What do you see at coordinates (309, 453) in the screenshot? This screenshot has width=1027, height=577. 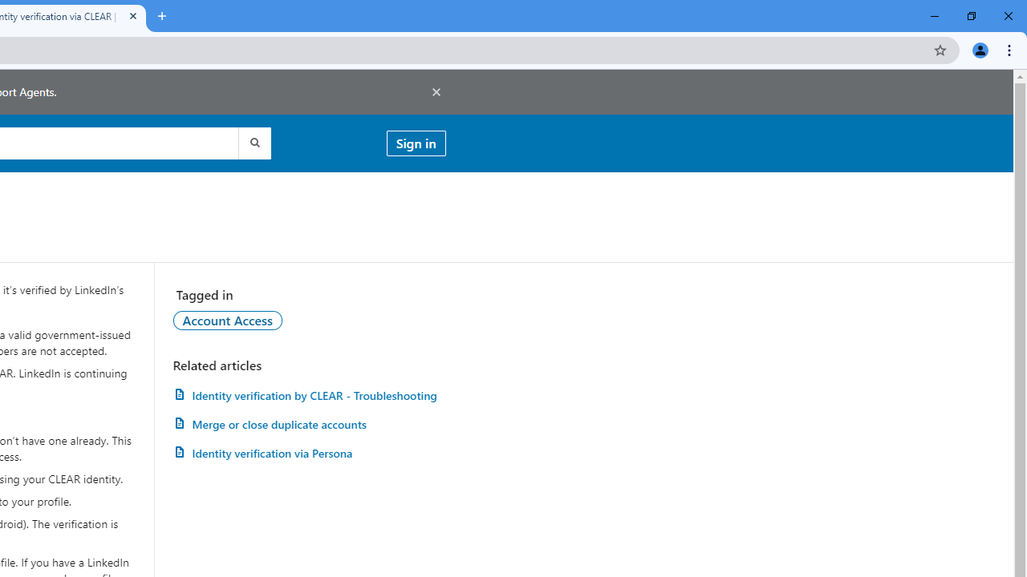 I see `'Identity verification via Persona'` at bounding box center [309, 453].